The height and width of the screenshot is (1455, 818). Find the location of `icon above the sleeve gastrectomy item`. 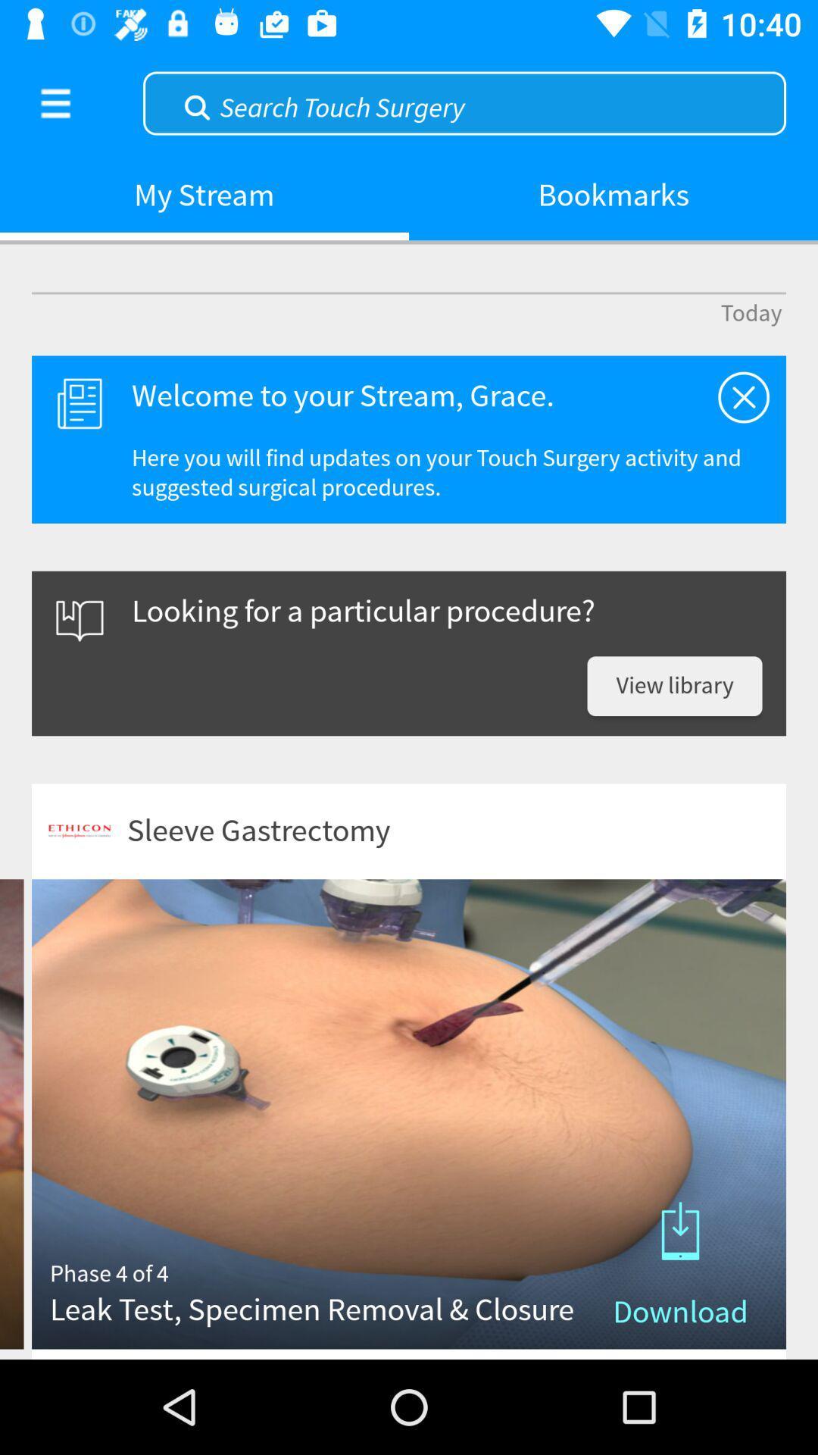

icon above the sleeve gastrectomy item is located at coordinates (674, 685).